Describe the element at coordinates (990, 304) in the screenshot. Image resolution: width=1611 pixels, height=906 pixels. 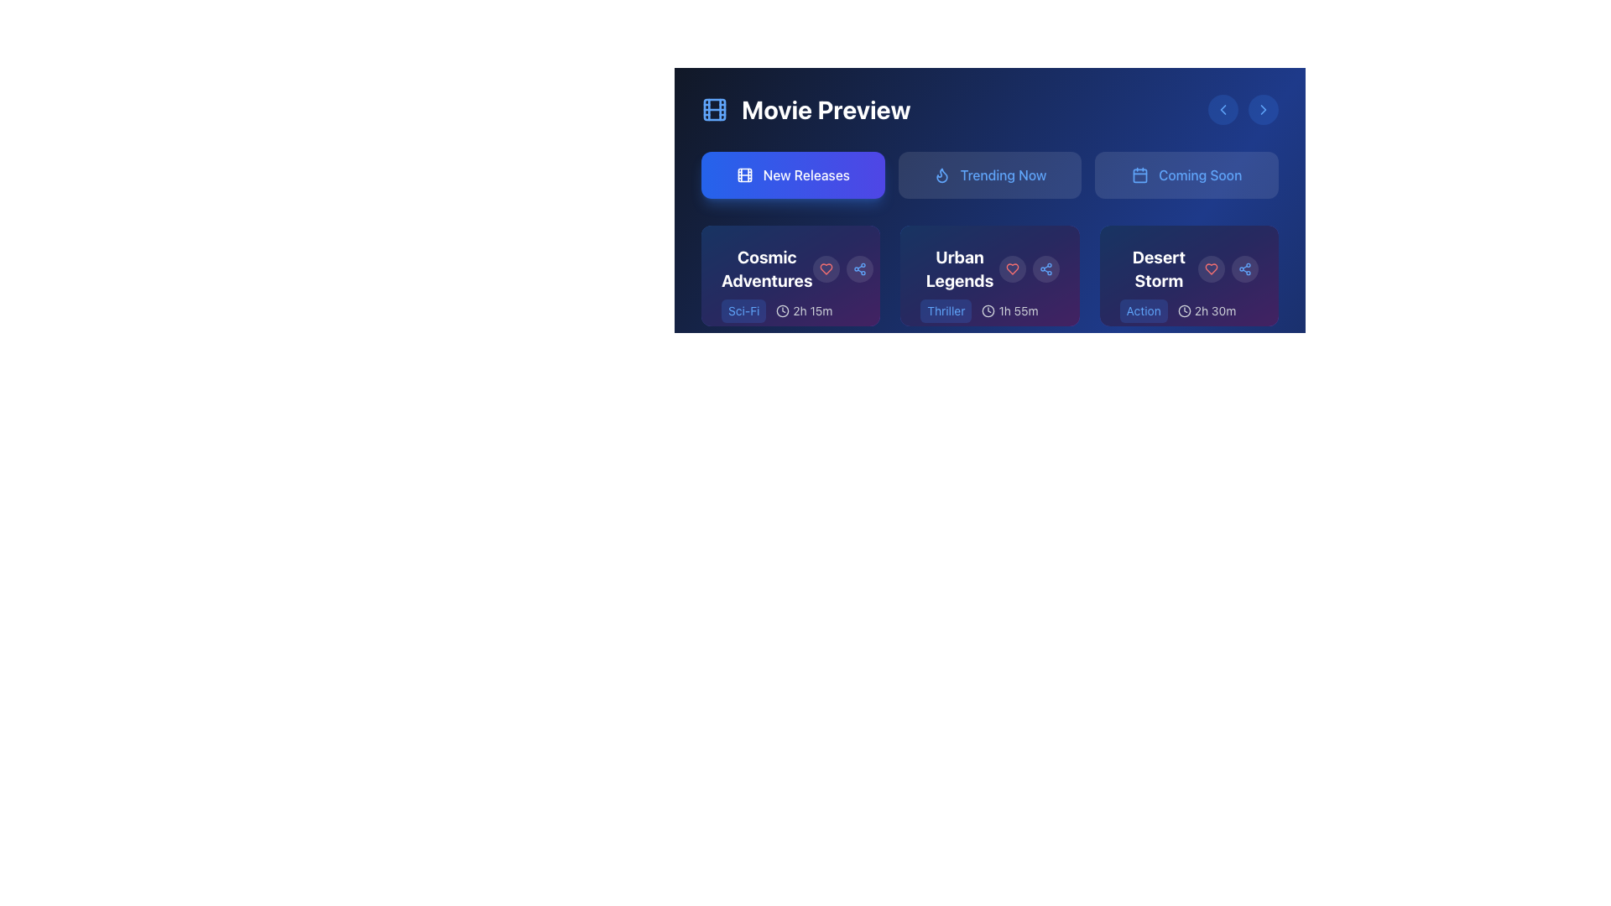
I see `the Text Label with Icon displaying '1h 55m' located in the lower section of the 'Urban Legends' movie card, which is styled with a blue theme and includes a clock icon to the left` at that location.